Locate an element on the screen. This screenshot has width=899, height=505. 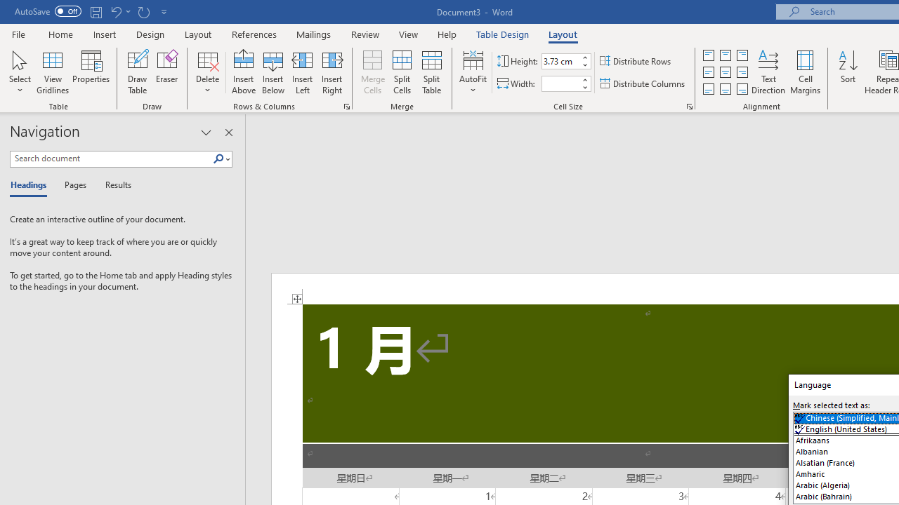
'Merge Cells' is located at coordinates (372, 72).